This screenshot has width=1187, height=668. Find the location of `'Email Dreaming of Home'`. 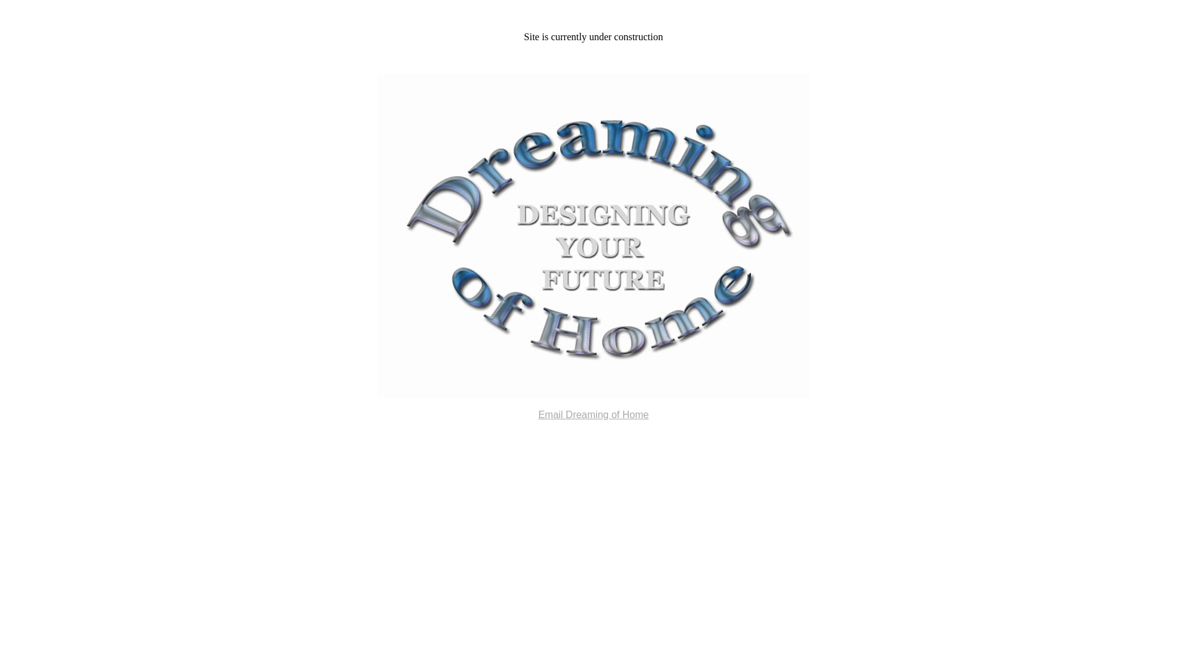

'Email Dreaming of Home' is located at coordinates (593, 405).